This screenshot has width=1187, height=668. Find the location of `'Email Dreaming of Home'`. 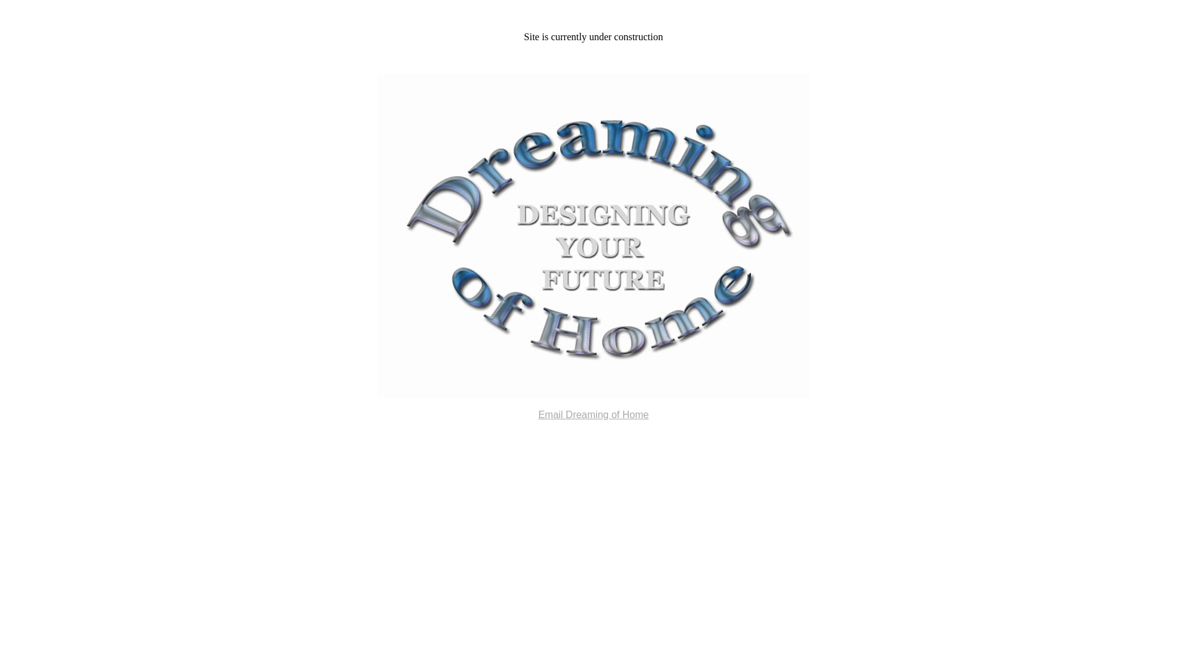

'Email Dreaming of Home' is located at coordinates (593, 405).